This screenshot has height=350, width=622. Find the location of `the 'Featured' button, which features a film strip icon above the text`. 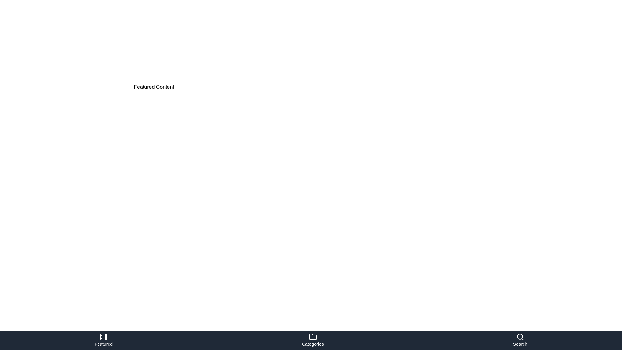

the 'Featured' button, which features a film strip icon above the text is located at coordinates (104, 340).